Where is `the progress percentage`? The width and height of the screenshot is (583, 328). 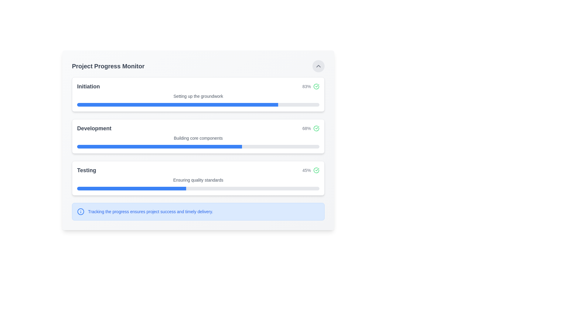
the progress percentage is located at coordinates (235, 146).